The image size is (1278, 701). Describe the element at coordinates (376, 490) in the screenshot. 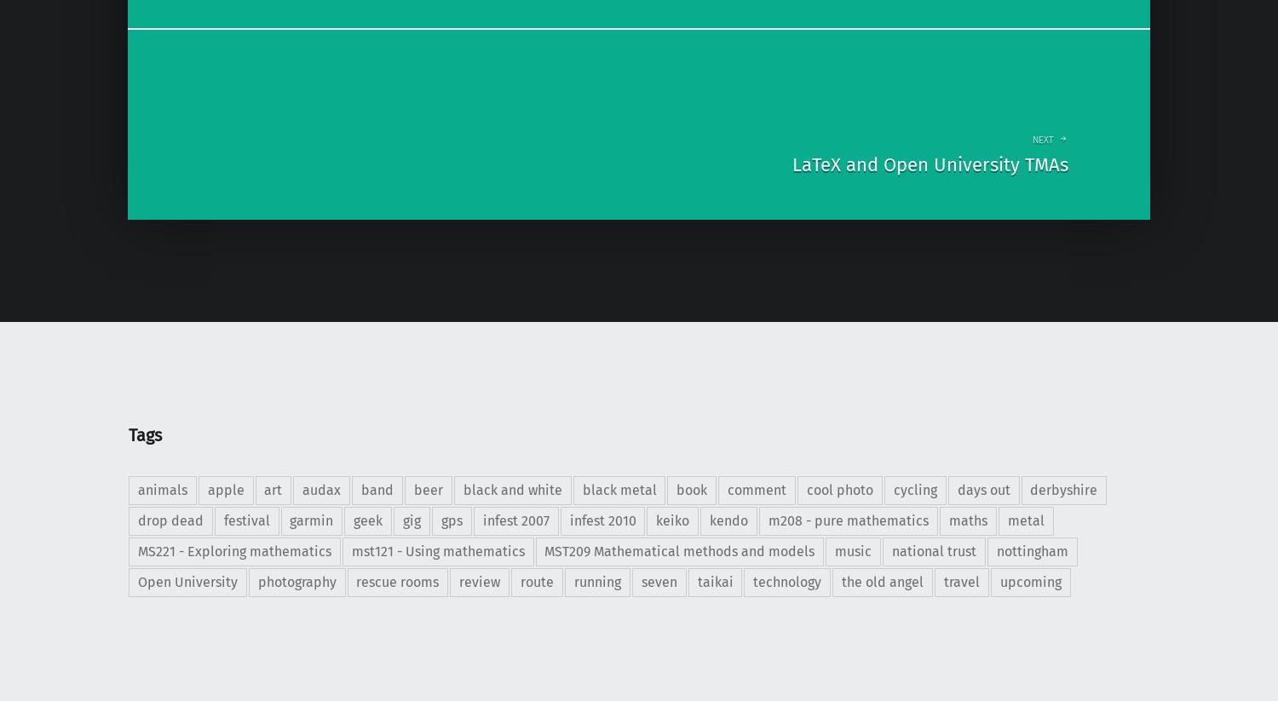

I see `'band'` at that location.